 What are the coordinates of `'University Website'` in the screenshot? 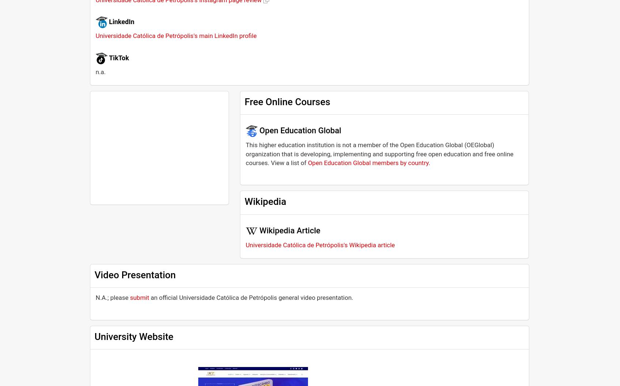 It's located at (133, 336).